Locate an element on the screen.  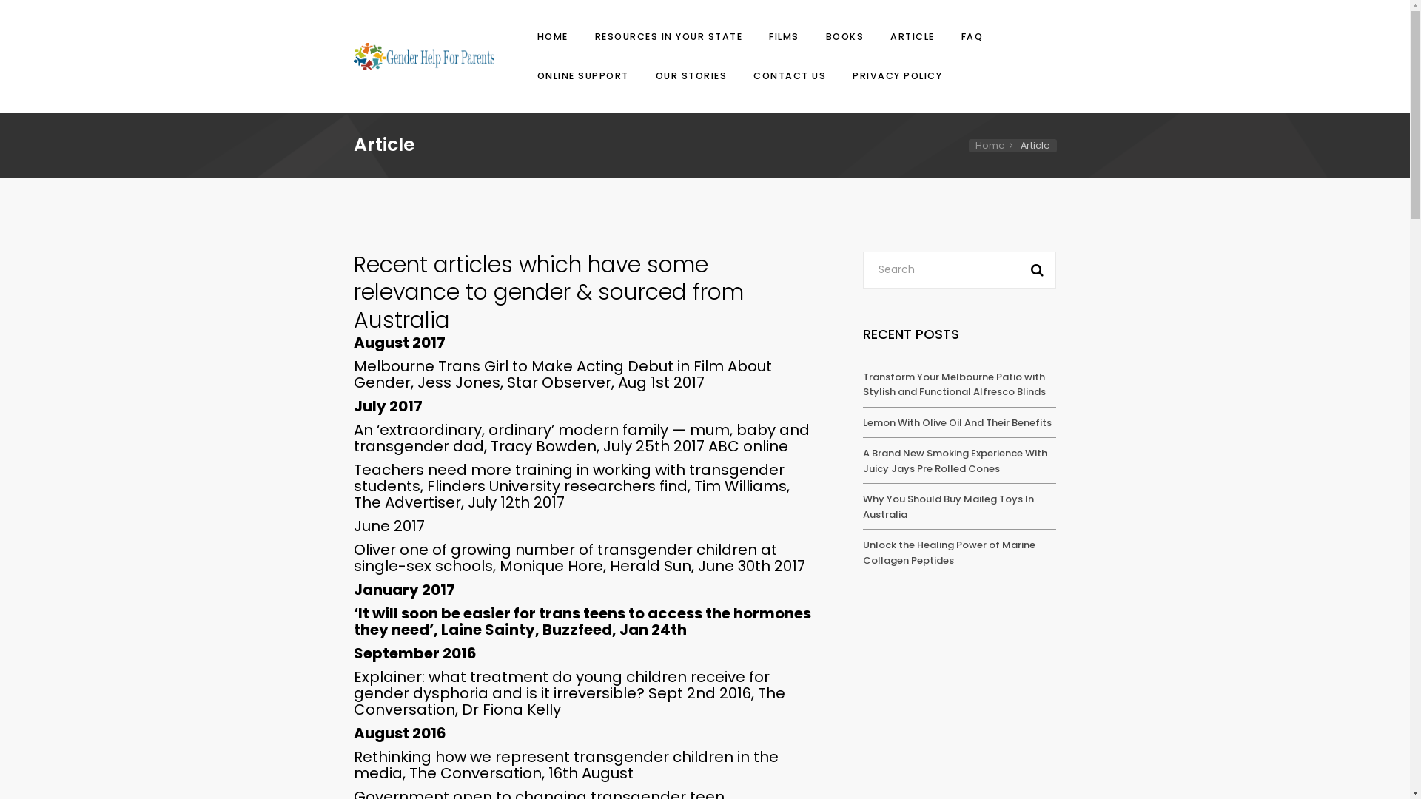
'PRIVACY POLICY' is located at coordinates (894, 75).